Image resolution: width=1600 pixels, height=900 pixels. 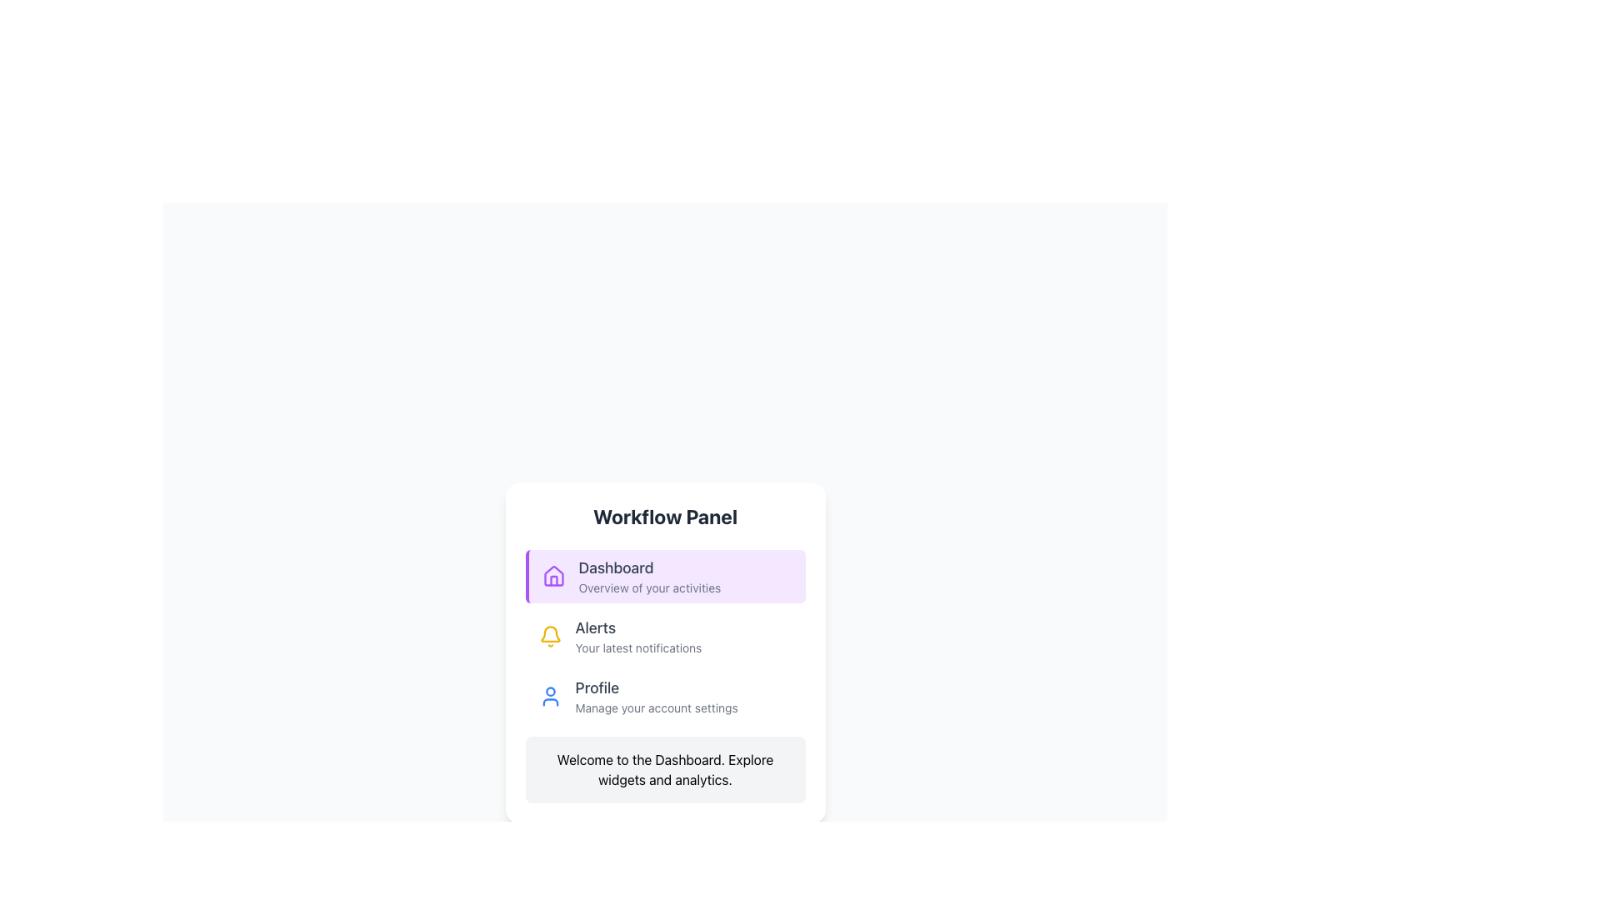 I want to click on the decorative icon indicating the user account or profile-related feature, located in the left-most part of the 'Profile' section, horizontally aligned with the title 'Profile', so click(x=550, y=697).